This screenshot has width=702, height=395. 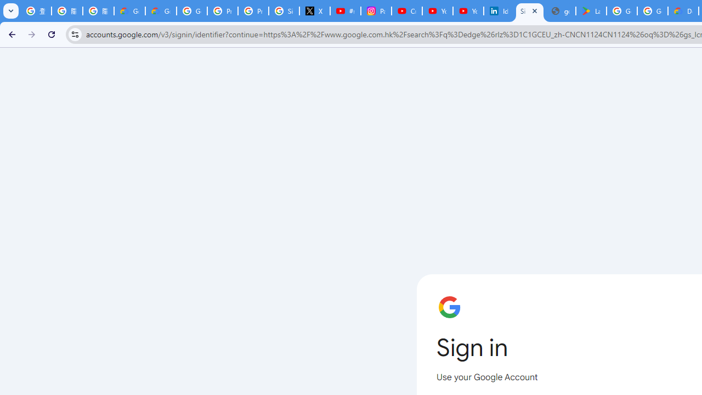 I want to click on 'YouTube Culture & Trends - YouTube Top 10, 2021', so click(x=468, y=11).